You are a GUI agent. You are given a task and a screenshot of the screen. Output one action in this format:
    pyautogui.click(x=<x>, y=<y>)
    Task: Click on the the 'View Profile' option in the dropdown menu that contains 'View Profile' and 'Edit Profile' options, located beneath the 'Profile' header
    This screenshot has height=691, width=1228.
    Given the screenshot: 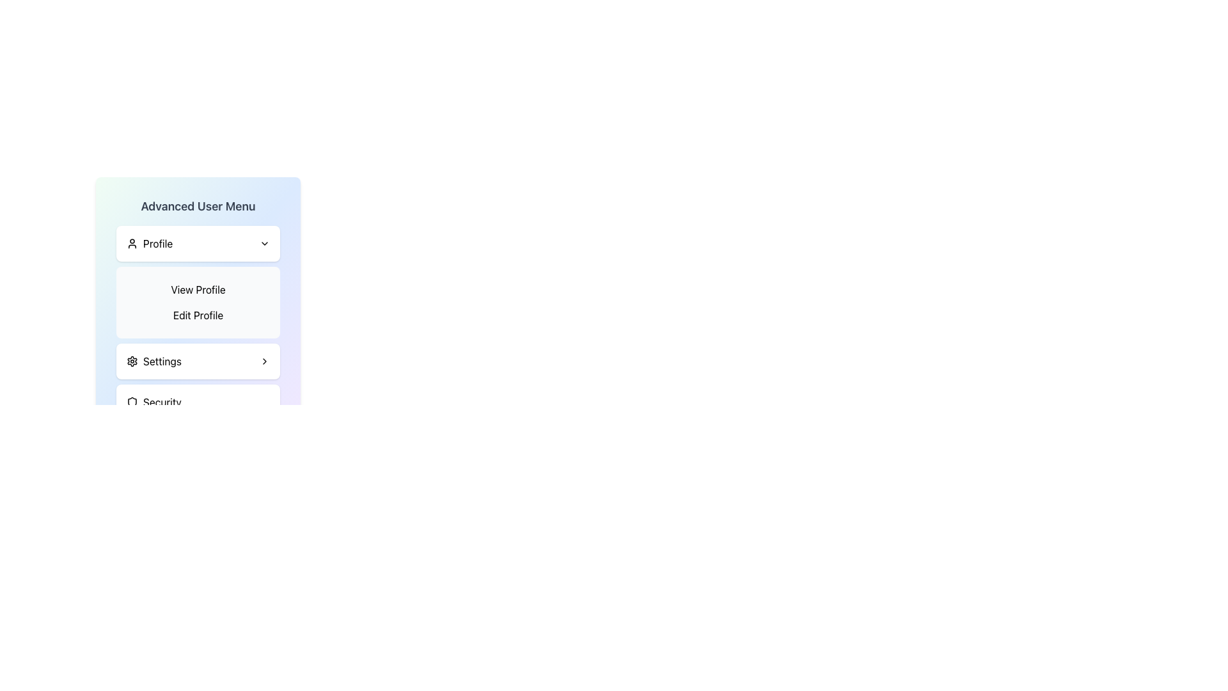 What is the action you would take?
    pyautogui.click(x=198, y=281)
    